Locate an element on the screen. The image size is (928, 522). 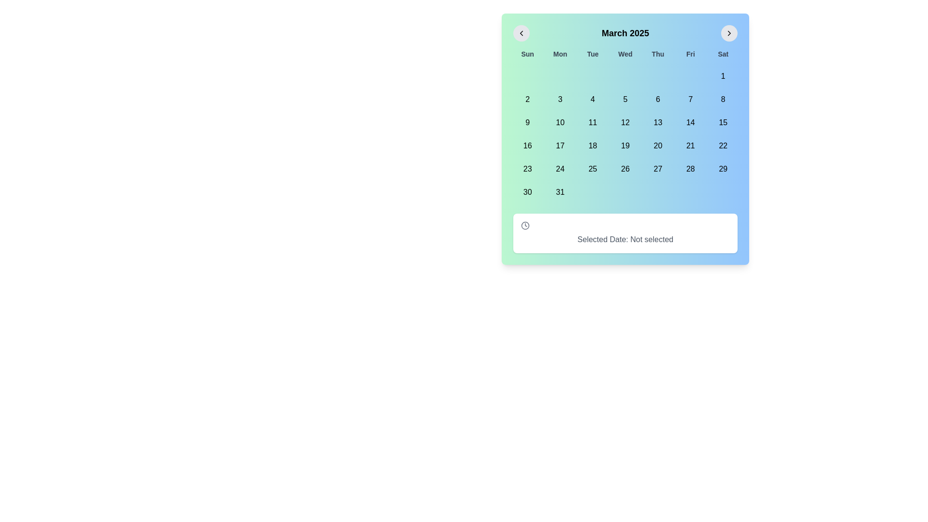
the circular button with the text '3' is located at coordinates (560, 99).